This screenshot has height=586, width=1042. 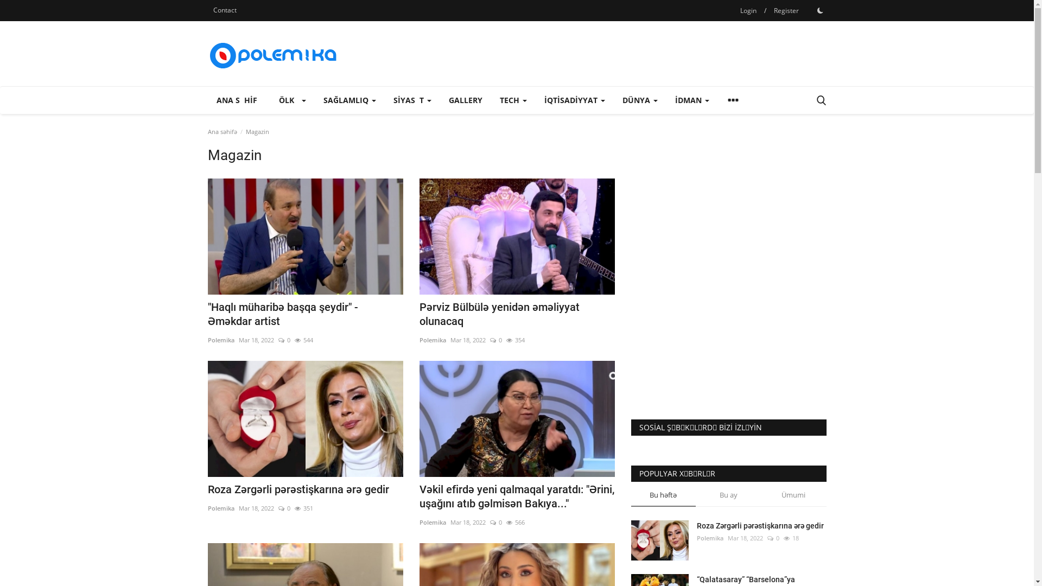 What do you see at coordinates (220, 508) in the screenshot?
I see `'Polemika'` at bounding box center [220, 508].